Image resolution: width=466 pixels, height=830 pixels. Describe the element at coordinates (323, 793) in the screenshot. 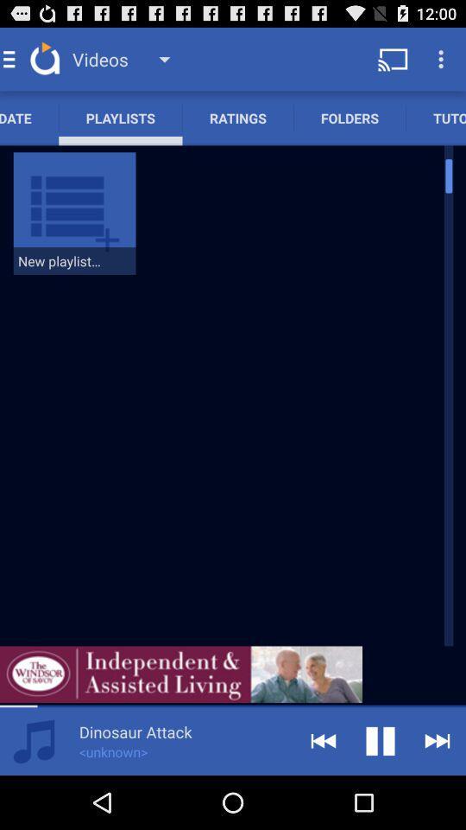

I see `the av_rewind icon` at that location.